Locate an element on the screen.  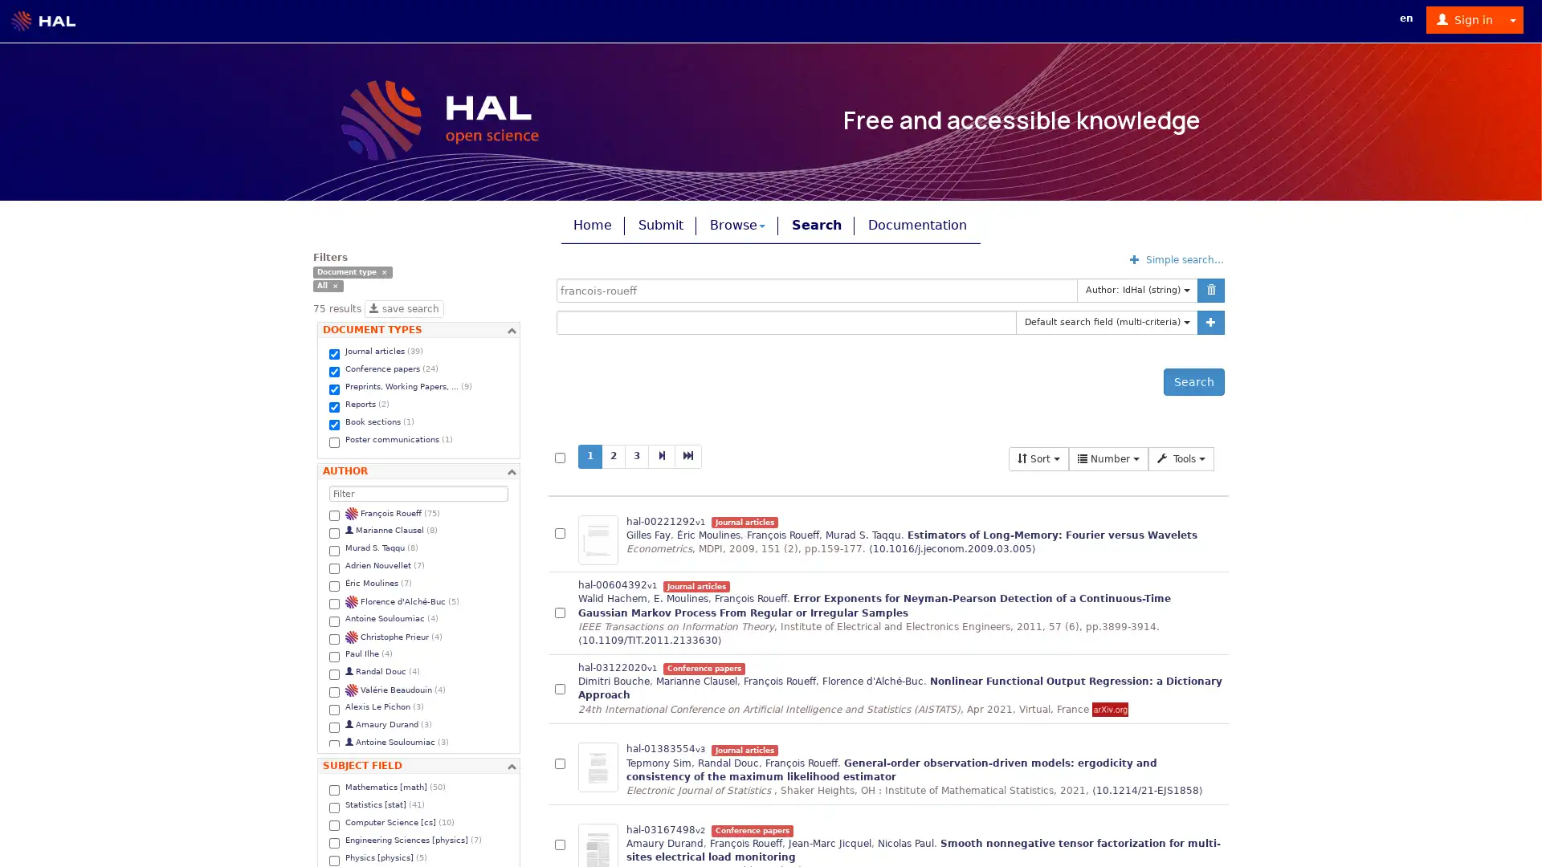
Number is located at coordinates (1108, 458).